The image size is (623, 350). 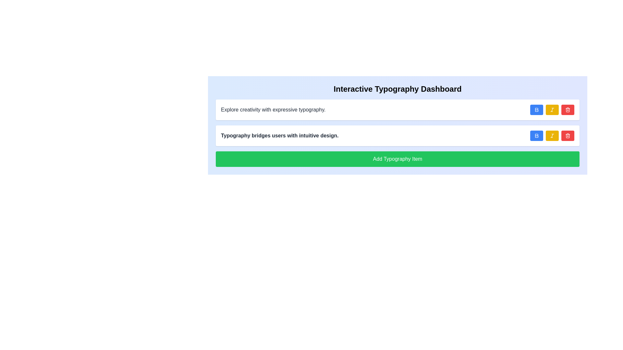 What do you see at coordinates (537, 110) in the screenshot?
I see `the leftmost blue button with a rounded corner and a bold text icon` at bounding box center [537, 110].